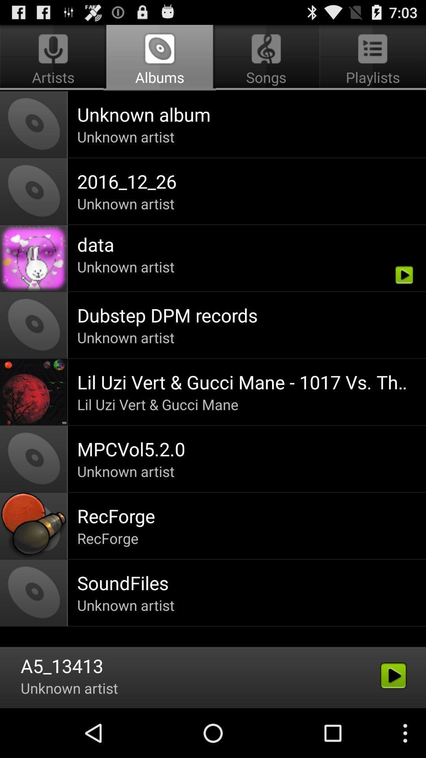  What do you see at coordinates (54, 58) in the screenshot?
I see `the artists` at bounding box center [54, 58].